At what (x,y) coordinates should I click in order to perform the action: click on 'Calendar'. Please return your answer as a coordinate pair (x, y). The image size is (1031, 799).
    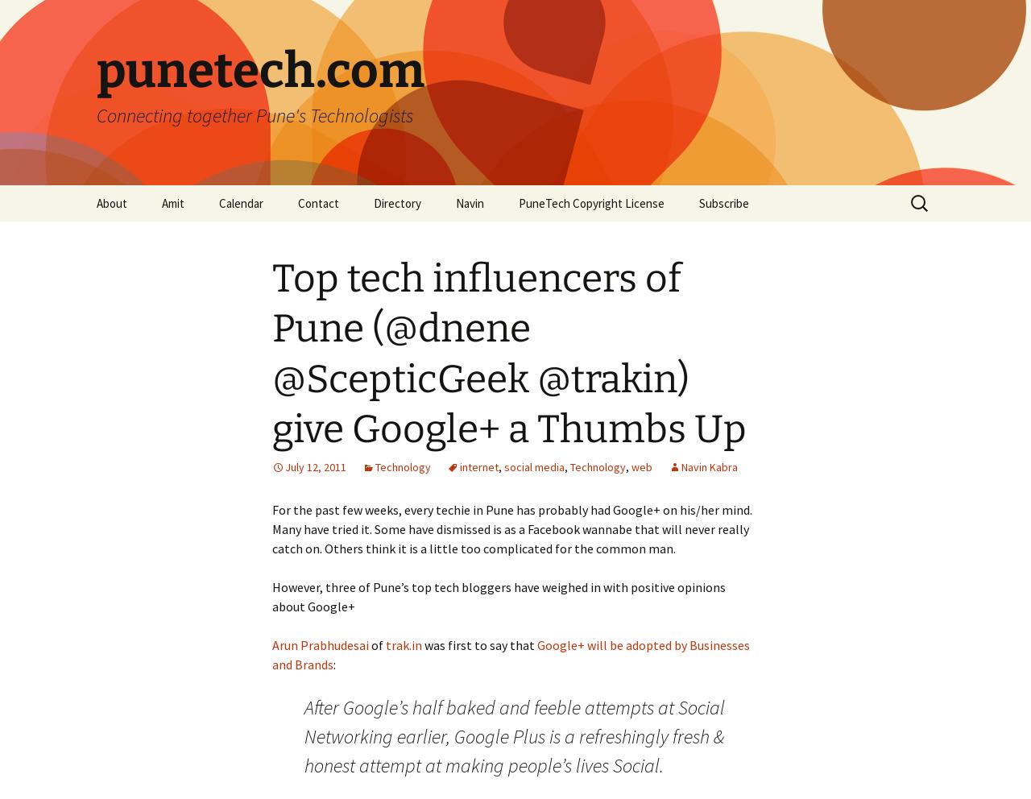
    Looking at the image, I should click on (240, 202).